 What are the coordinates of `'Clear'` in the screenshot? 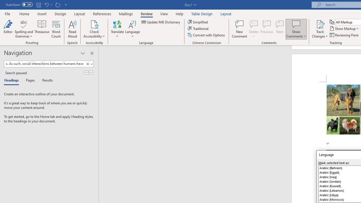 It's located at (87, 64).